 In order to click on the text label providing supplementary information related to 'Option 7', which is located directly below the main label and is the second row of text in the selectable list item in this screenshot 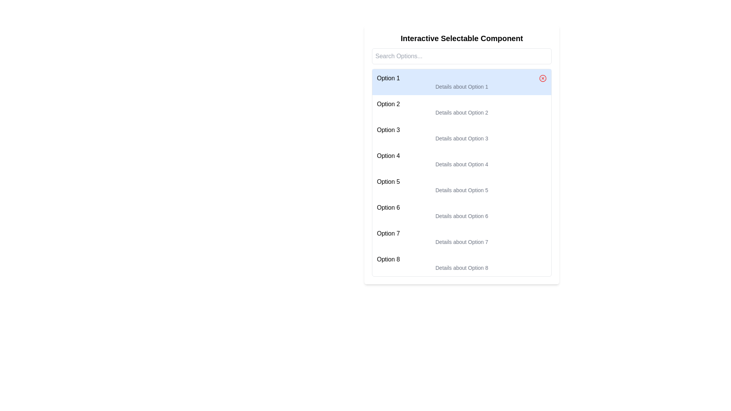, I will do `click(461, 242)`.